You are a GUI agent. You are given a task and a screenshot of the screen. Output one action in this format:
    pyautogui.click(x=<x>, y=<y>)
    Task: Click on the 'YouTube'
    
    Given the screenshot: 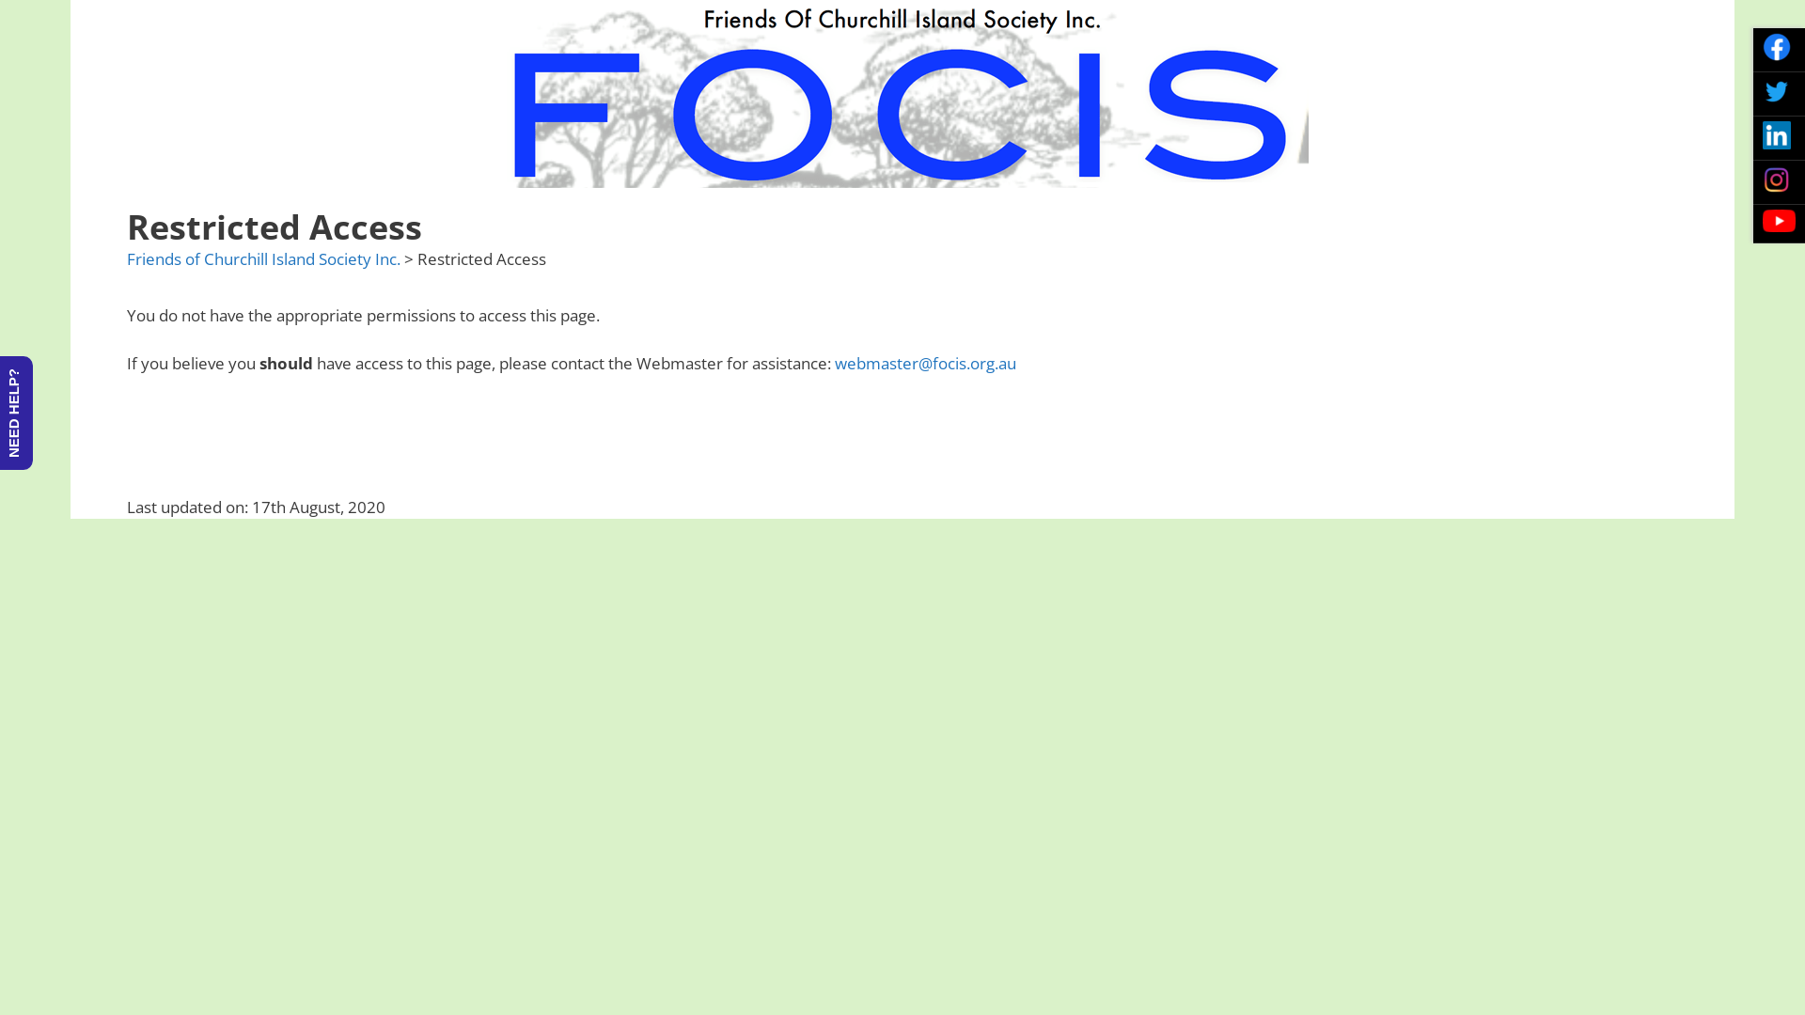 What is the action you would take?
    pyautogui.click(x=1778, y=220)
    